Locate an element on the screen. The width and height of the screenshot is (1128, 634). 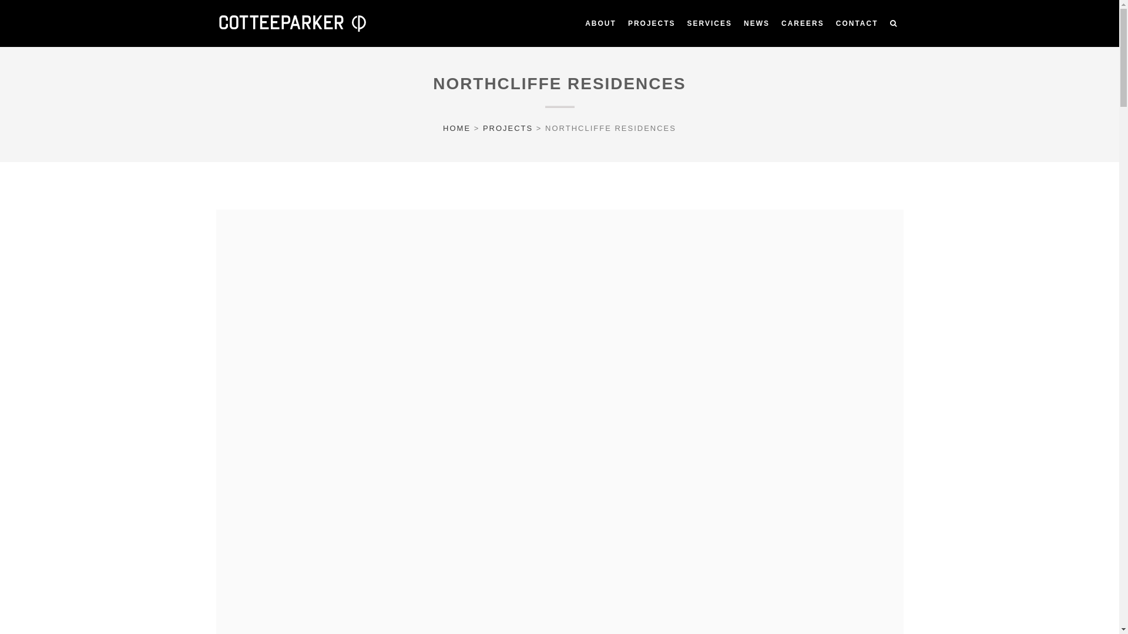
'PROJECTS' is located at coordinates (651, 23).